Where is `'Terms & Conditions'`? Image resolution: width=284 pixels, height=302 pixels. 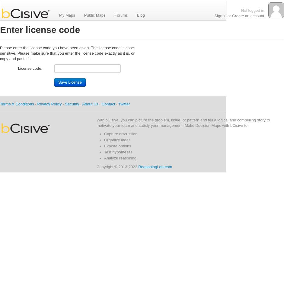
'Terms & Conditions' is located at coordinates (16, 104).